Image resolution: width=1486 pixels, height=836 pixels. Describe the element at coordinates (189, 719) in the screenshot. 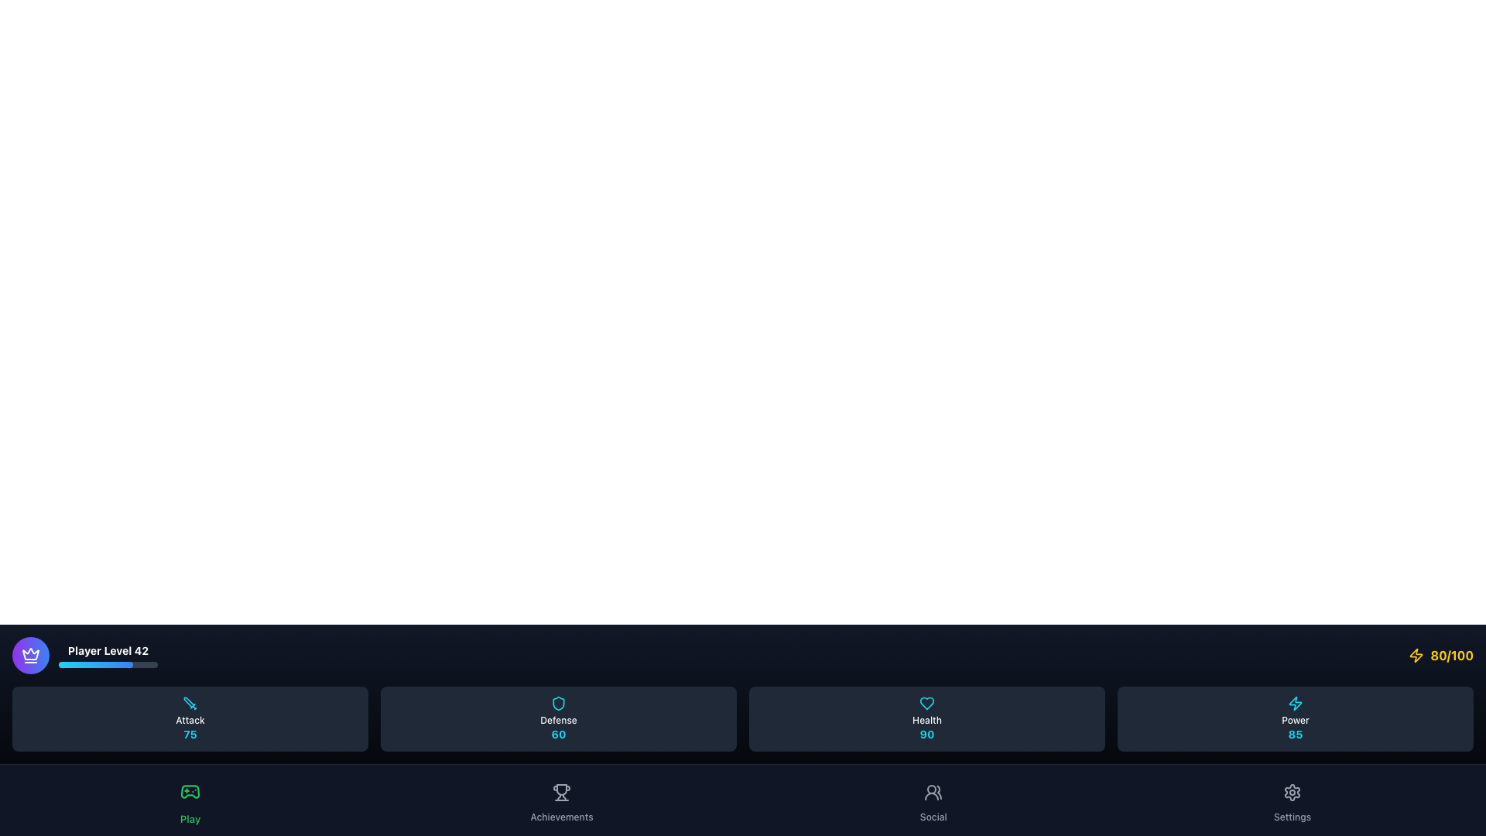

I see `the 'Attack' information display card, which shows a value of '75', located at the bottom center of the interface, to access details about adjacent elements` at that location.